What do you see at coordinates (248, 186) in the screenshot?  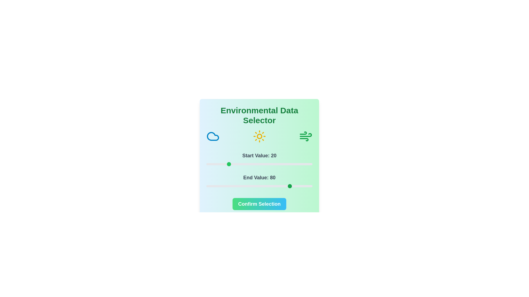 I see `the End Value slider` at bounding box center [248, 186].